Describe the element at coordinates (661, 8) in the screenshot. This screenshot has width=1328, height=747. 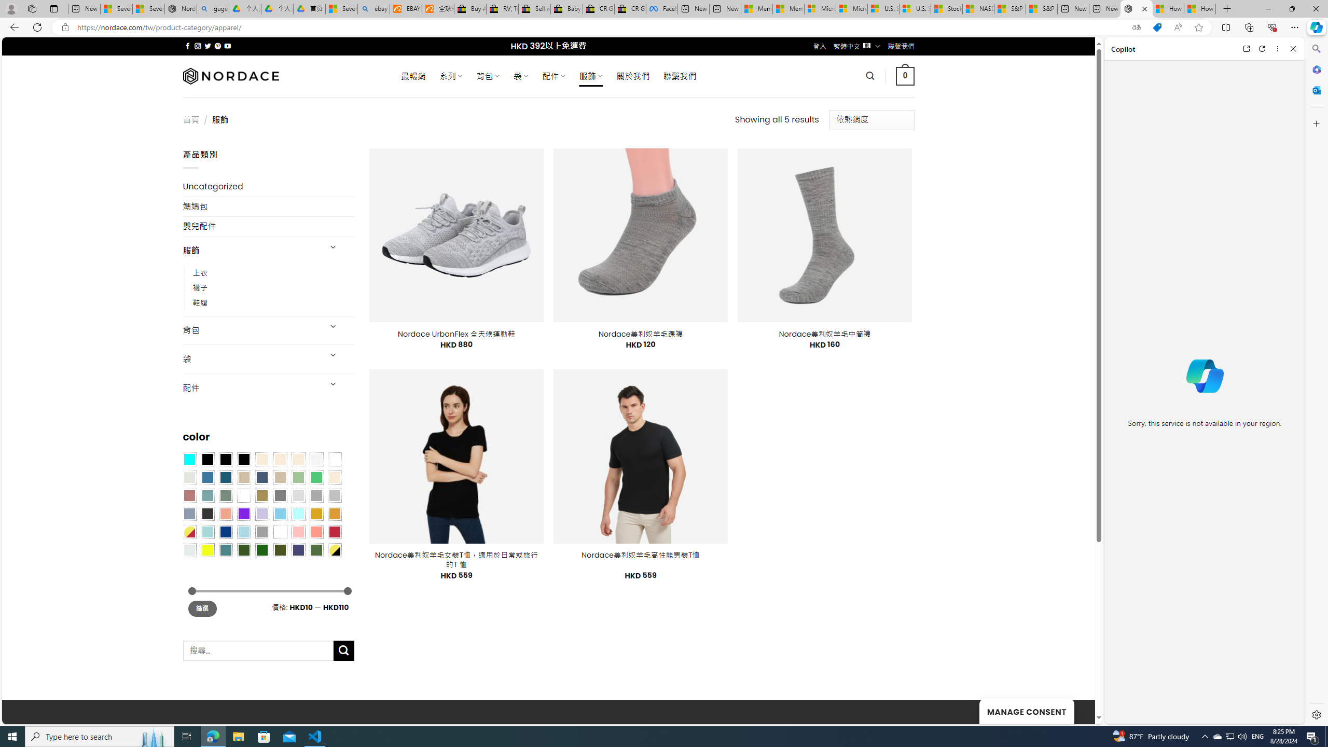
I see `'Facebook'` at that location.